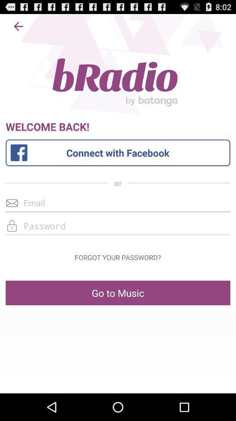 This screenshot has width=236, height=421. I want to click on the item above or, so click(118, 153).